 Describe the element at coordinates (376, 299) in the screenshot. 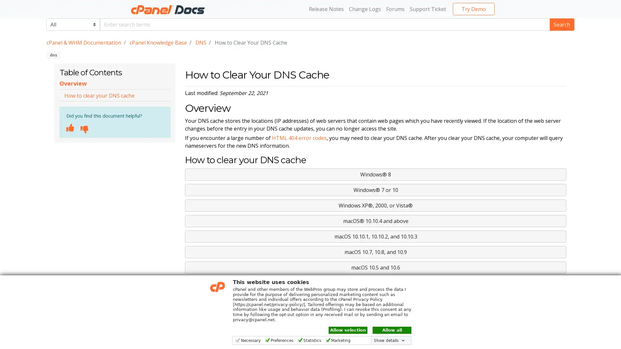

I see `Ubuntu` at that location.